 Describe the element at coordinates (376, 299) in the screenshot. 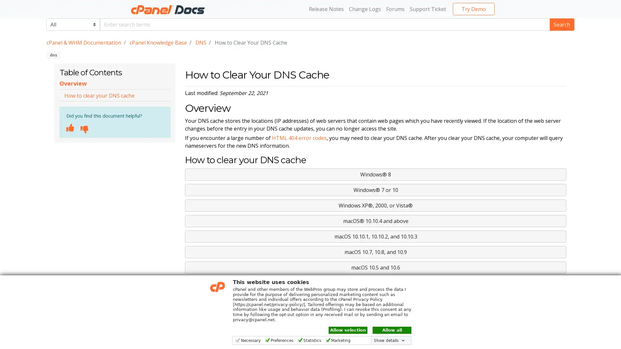

I see `Ubuntu` at that location.